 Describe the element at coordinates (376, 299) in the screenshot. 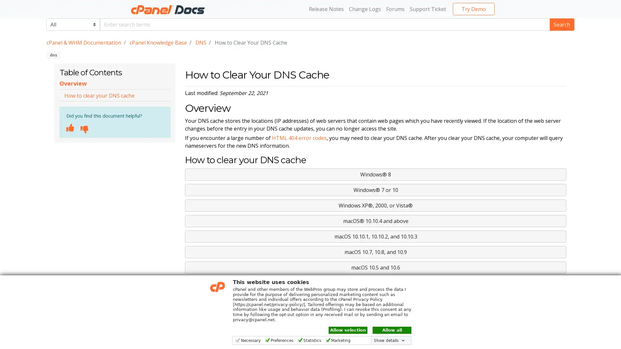

I see `Ubuntu` at that location.